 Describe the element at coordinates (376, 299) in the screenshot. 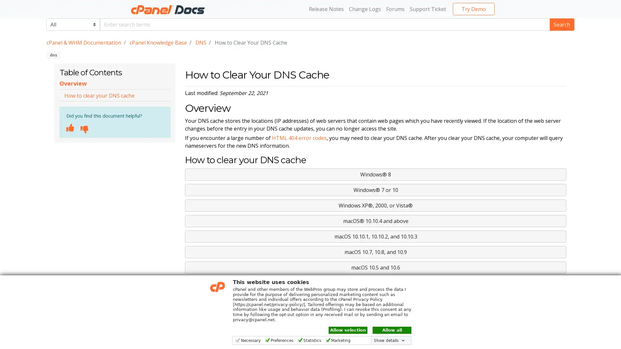

I see `Ubuntu` at that location.